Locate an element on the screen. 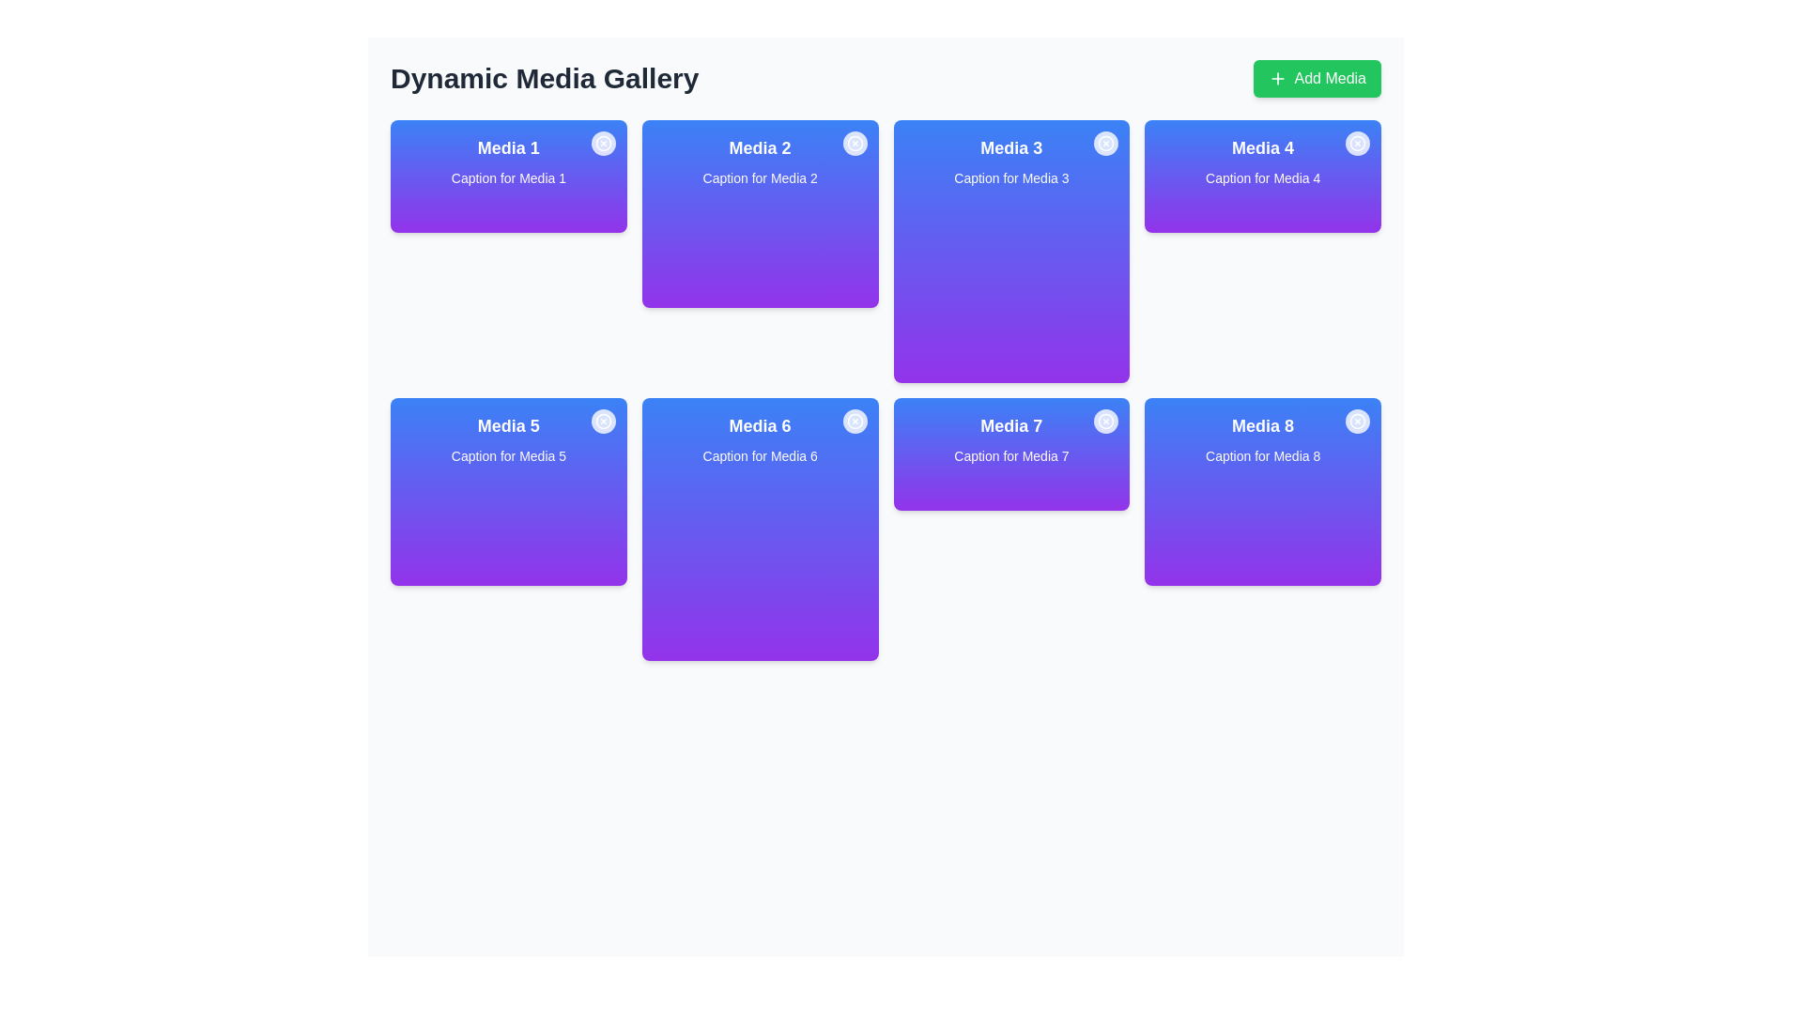  the delete button located at the top-right corner of the 'Media 7' card is located at coordinates (1106, 420).